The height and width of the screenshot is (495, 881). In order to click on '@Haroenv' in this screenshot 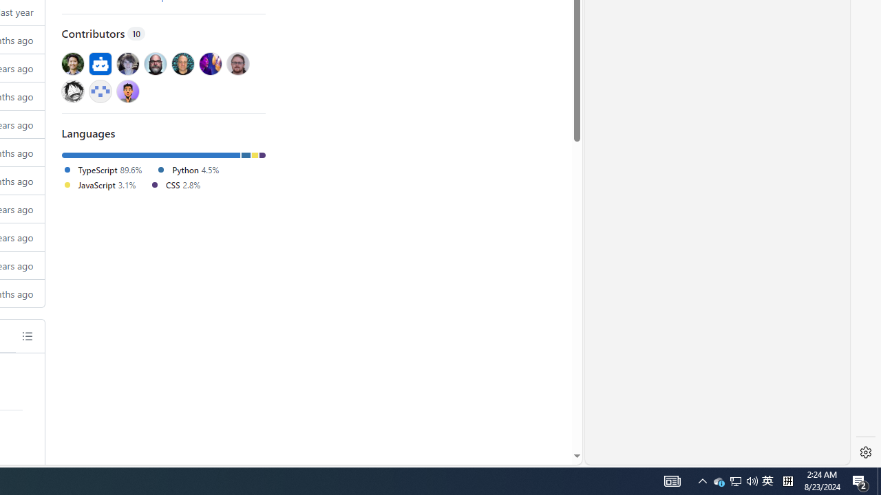, I will do `click(209, 63)`.